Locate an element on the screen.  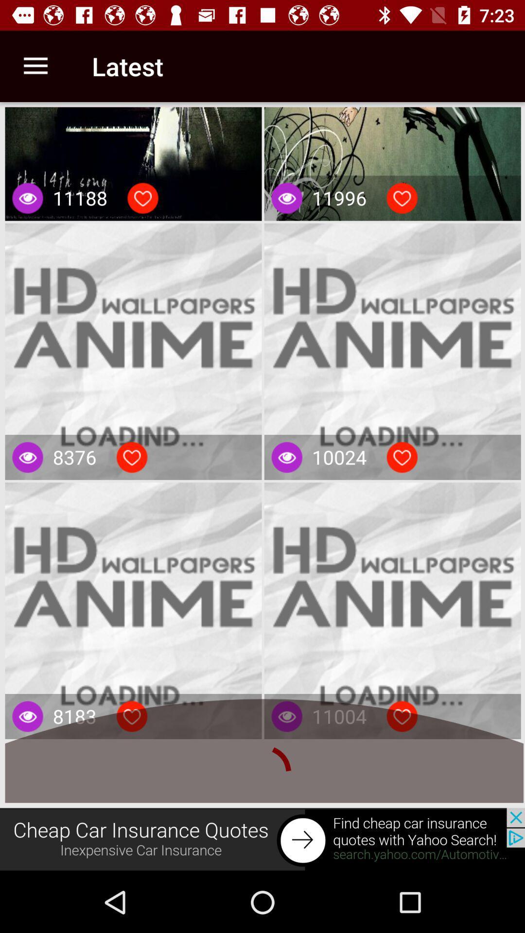
like button is located at coordinates (142, 198).